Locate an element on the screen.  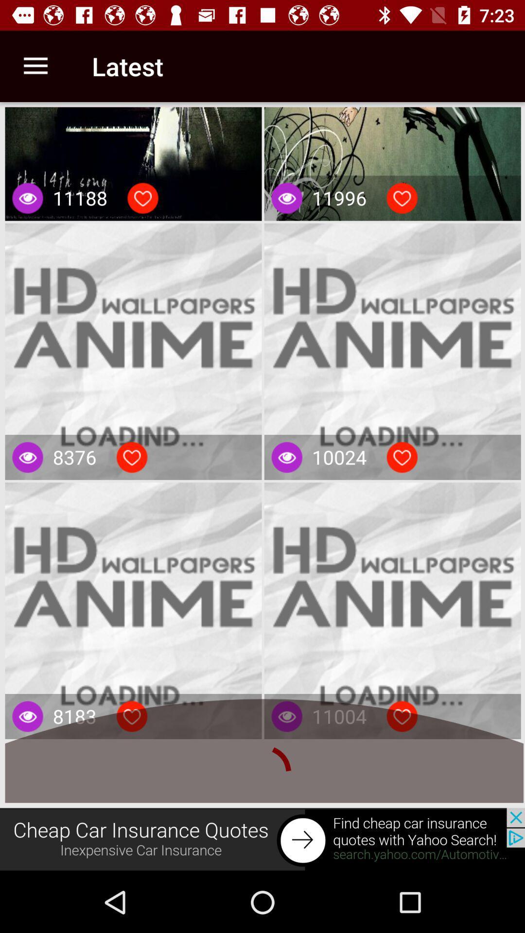
like button is located at coordinates (142, 198).